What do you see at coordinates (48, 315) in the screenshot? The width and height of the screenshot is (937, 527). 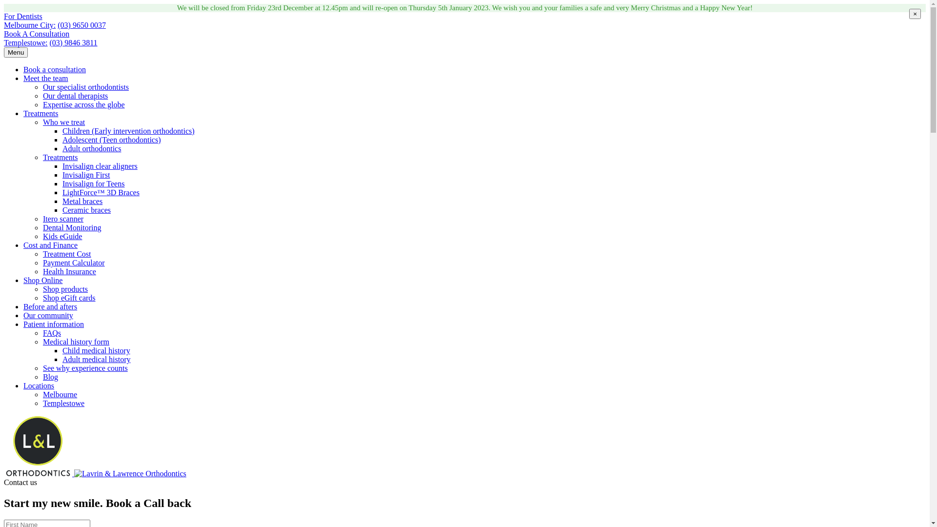 I see `'Our community'` at bounding box center [48, 315].